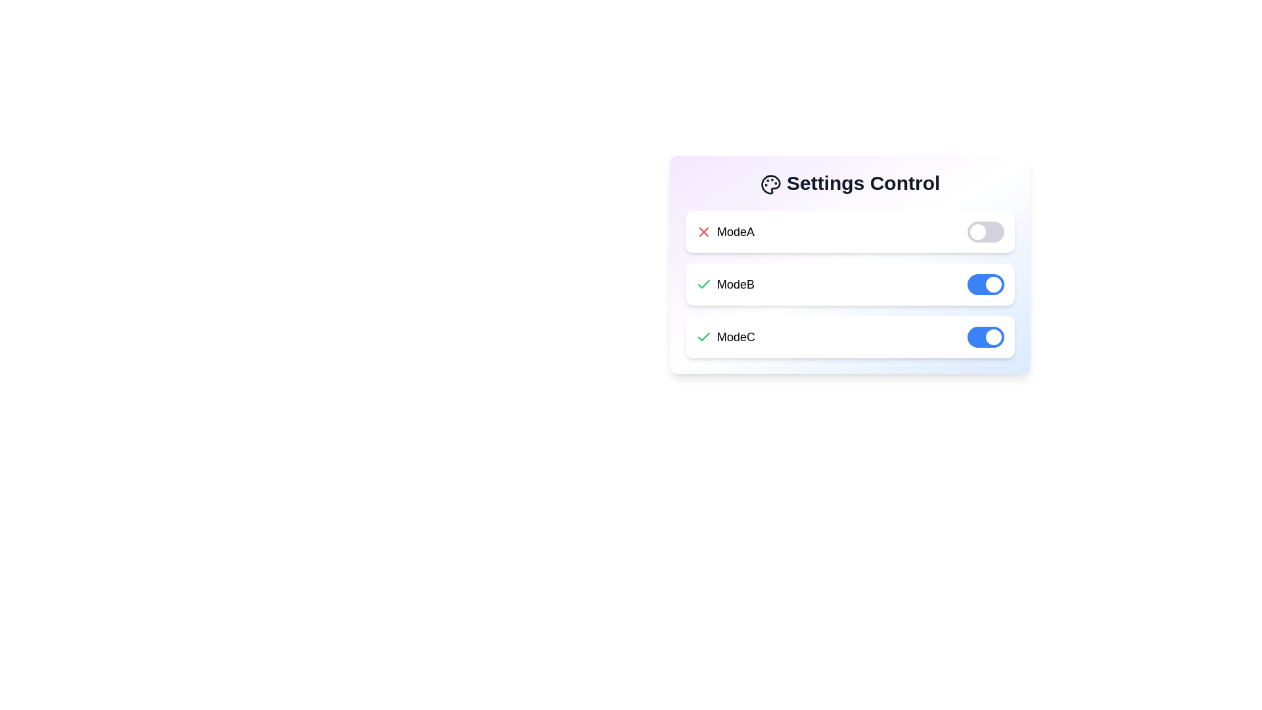  Describe the element at coordinates (770, 185) in the screenshot. I see `the settings icon located in the header section of the 'Settings Control' panel, which symbolizes customization or themes` at that location.